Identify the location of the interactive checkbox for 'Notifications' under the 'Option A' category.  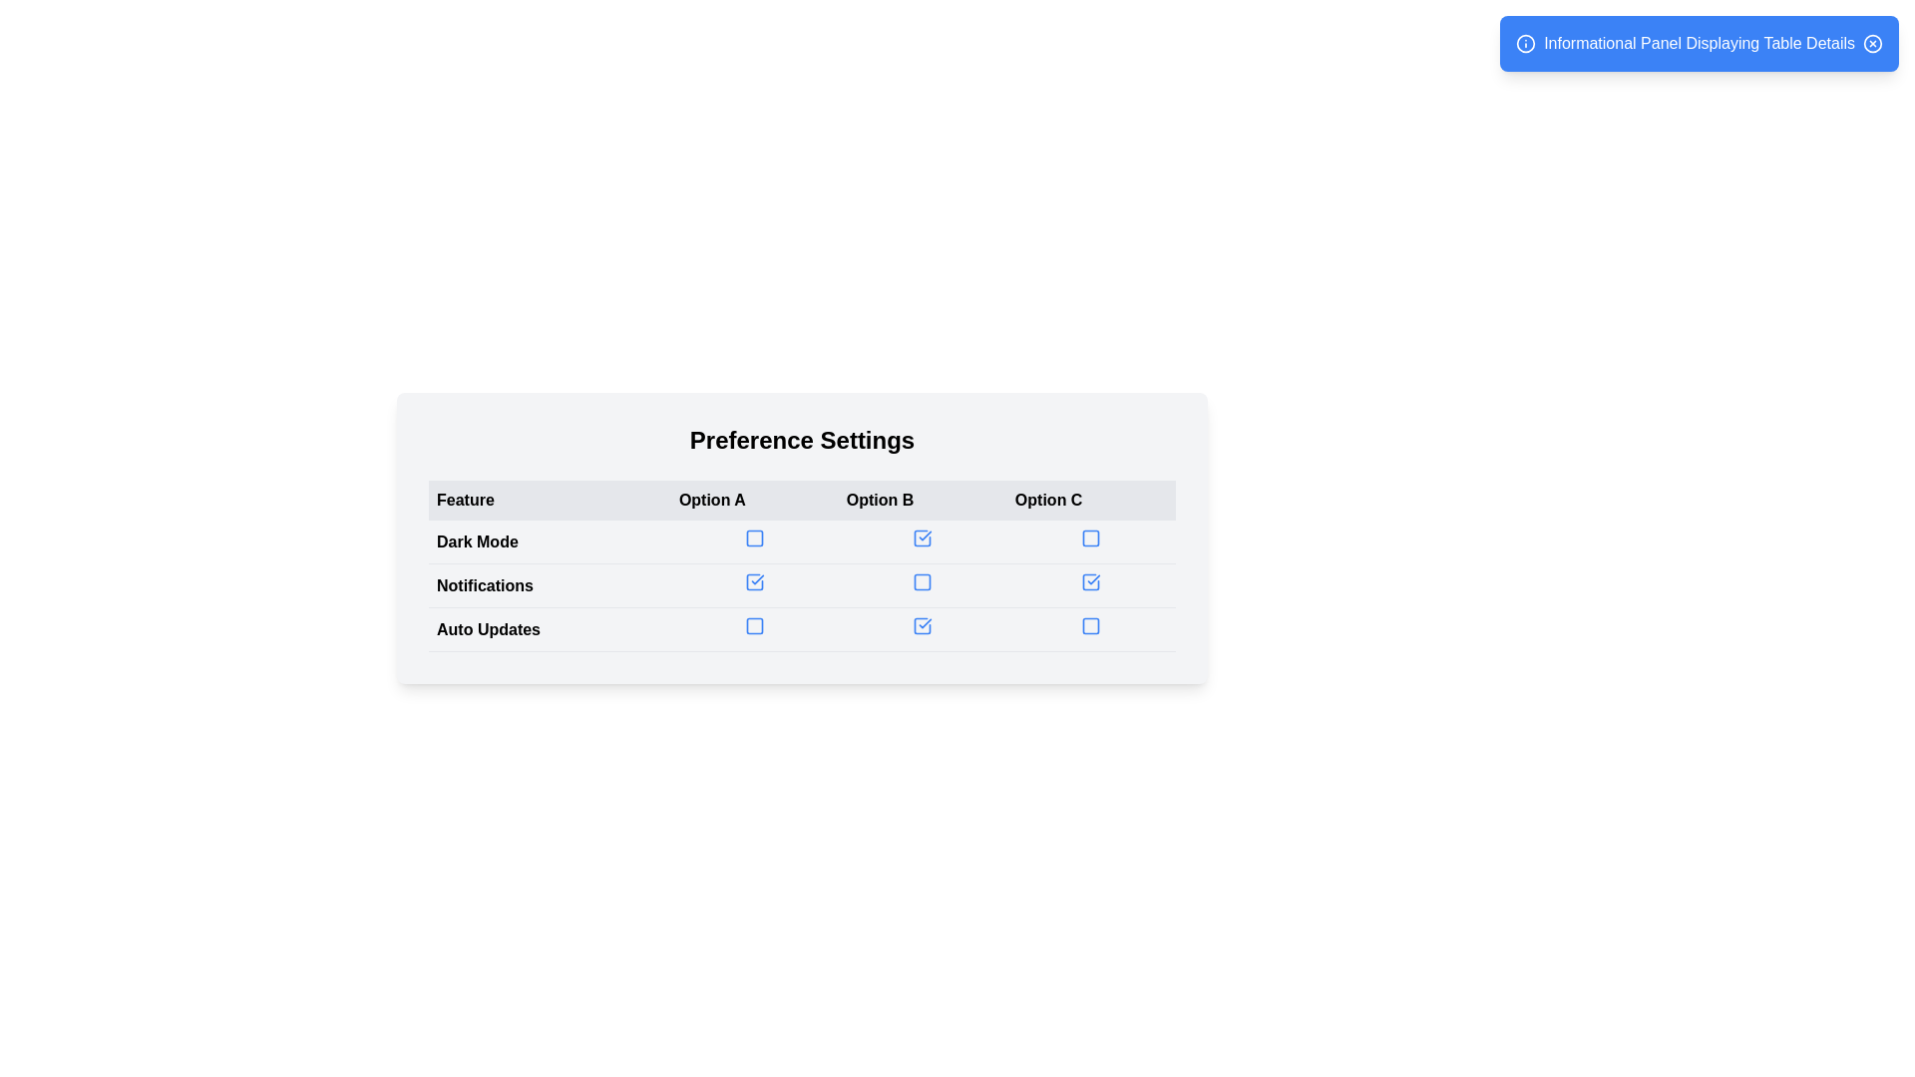
(753, 581).